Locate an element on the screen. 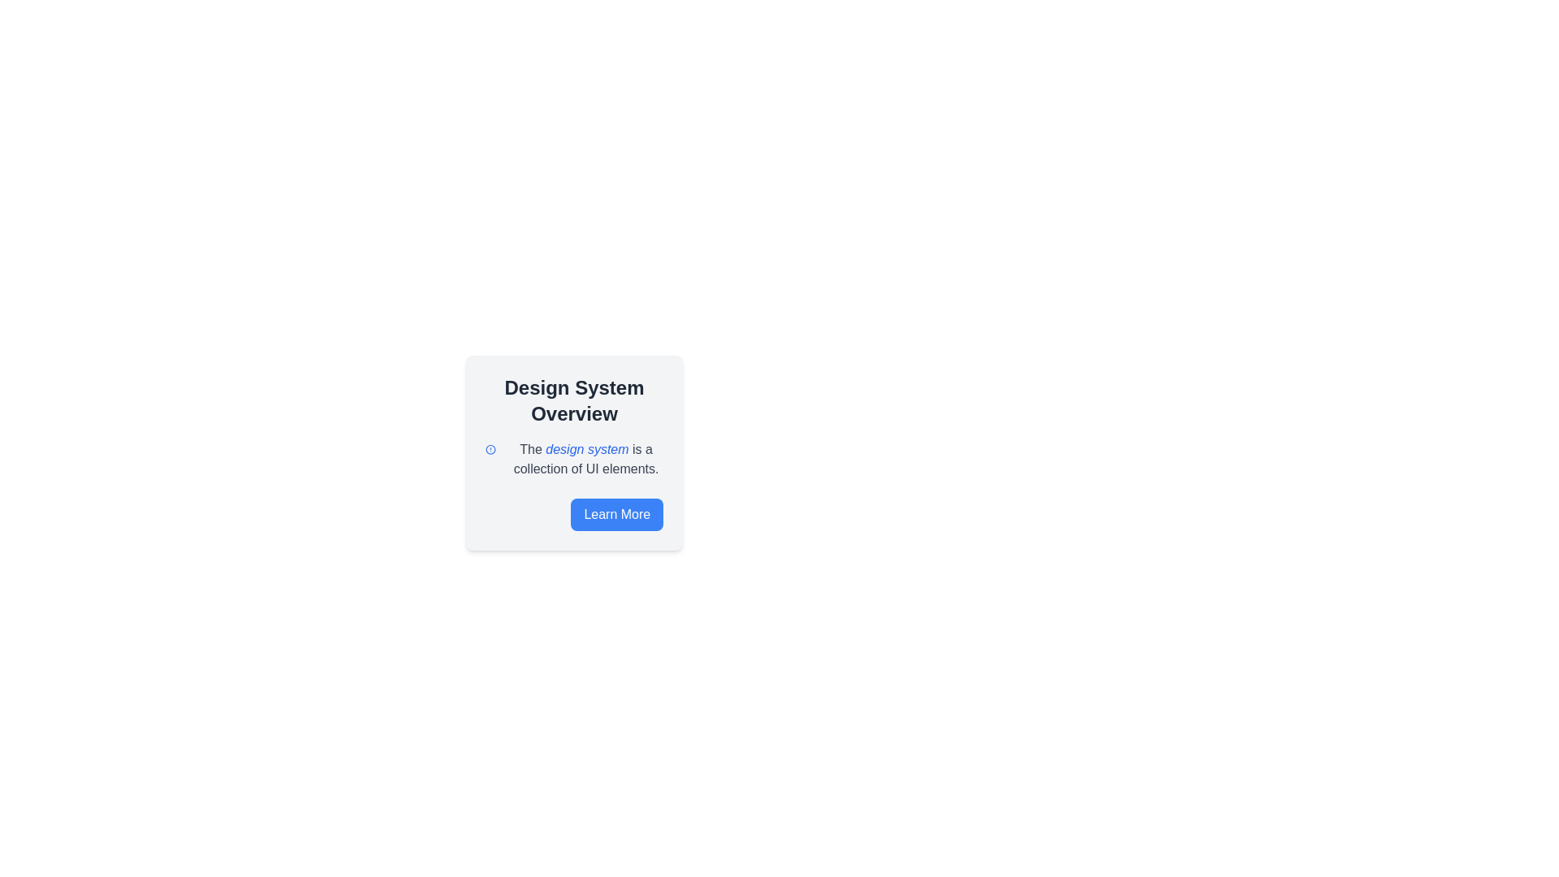 The width and height of the screenshot is (1559, 877). the circular outline of the 'circle-alert' icon to interact with it, as it provides a visual cue in the interface is located at coordinates (490, 450).